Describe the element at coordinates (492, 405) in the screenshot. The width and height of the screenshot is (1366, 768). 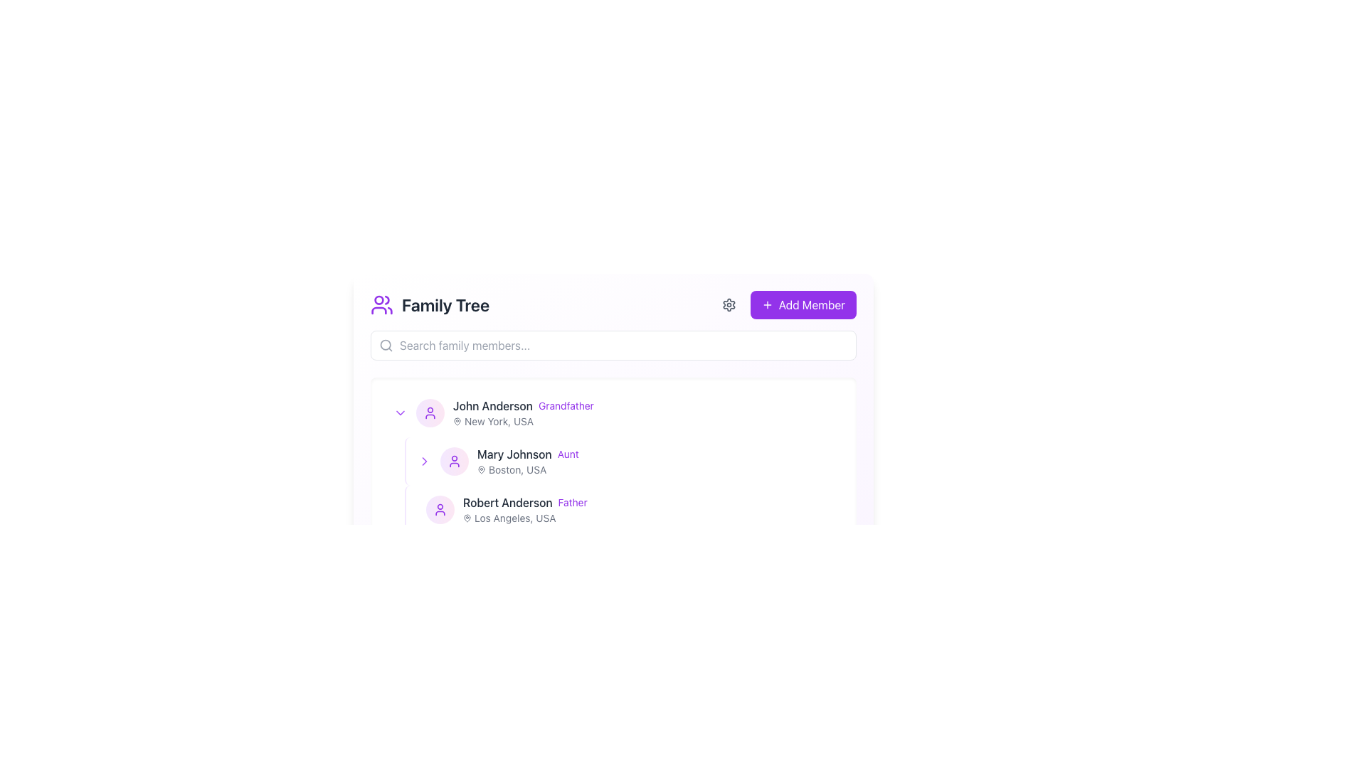
I see `the text label identifying 'John Anderson' in the family tree, located on the left side of the interface, adjacent to the label 'Grandfather.'` at that location.